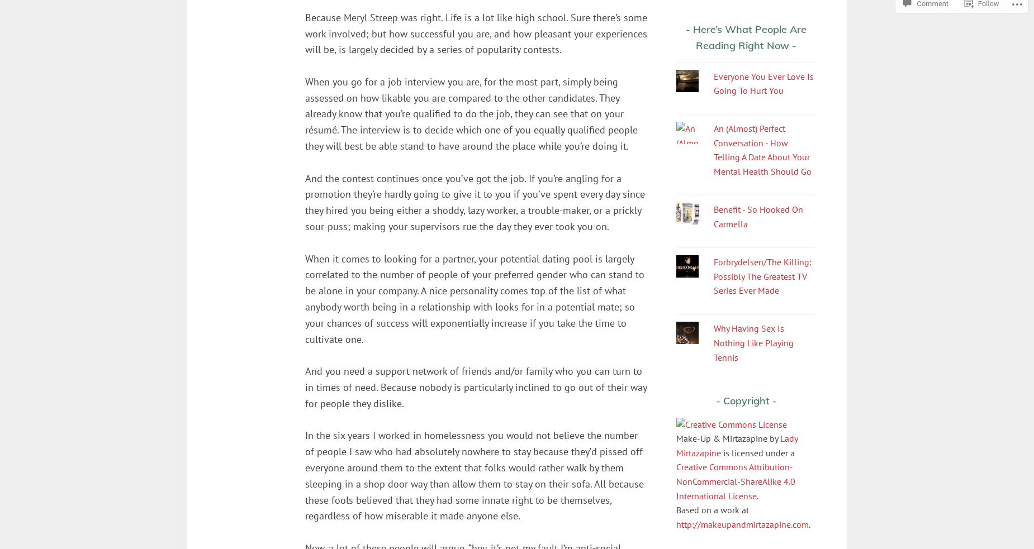 This screenshot has width=1034, height=549. I want to click on 'In the six years I worked in homelessness you would not believe the number of people I saw who had absolutely nowhere to stay because they’d pissed off everyone around them to the extent that folks would rather walk by them sleeping in a shop door way than allow them to stay on their sofa. All because these fools believed that they had some innate right to be themselves, regardless of how miserable it made anyone else.', so click(305, 475).